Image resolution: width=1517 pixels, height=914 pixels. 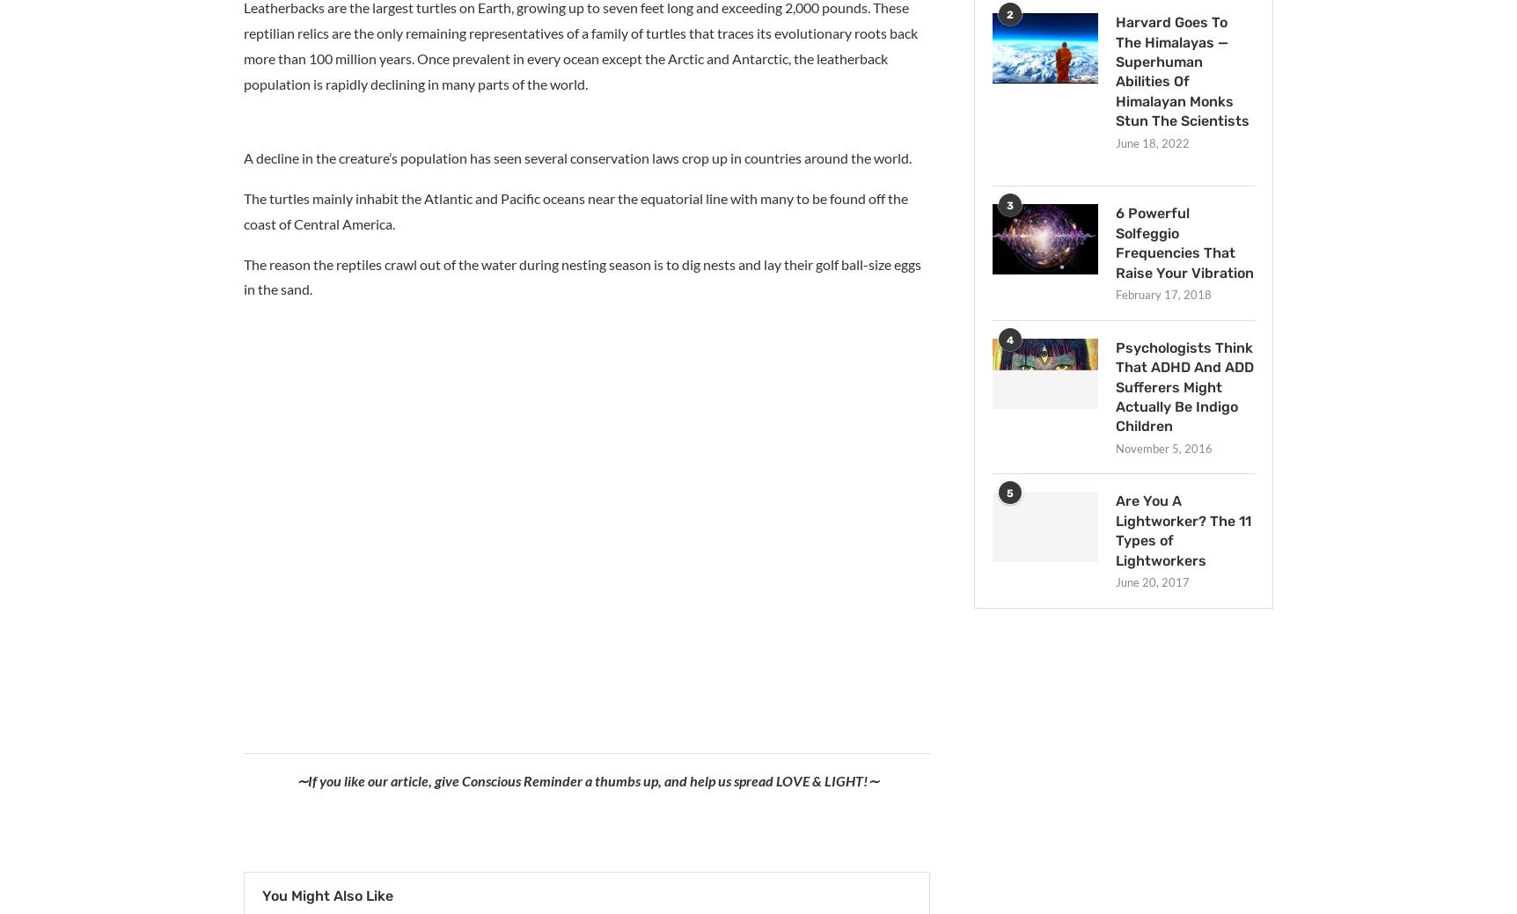 I want to click on 'Psychologists Think That ADHD And ADD Sufferers Might Actually Be Indigo Children', so click(x=1115, y=385).